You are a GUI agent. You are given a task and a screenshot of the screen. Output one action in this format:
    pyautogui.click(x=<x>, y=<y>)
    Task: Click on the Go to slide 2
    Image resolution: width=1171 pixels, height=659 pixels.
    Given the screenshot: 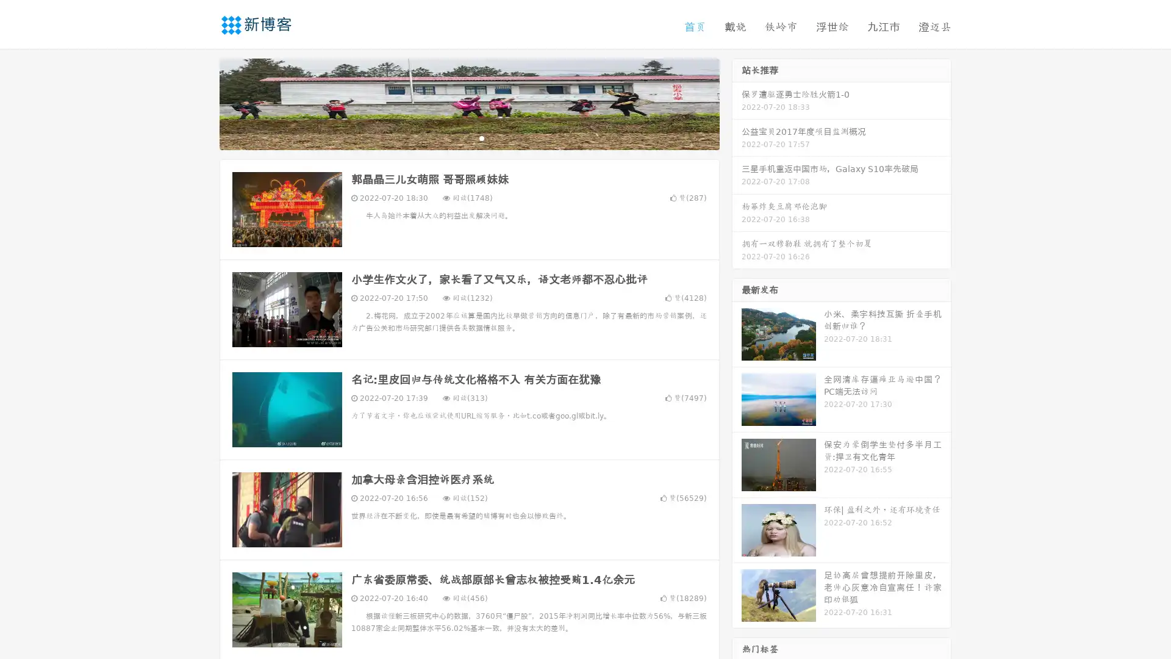 What is the action you would take?
    pyautogui.click(x=468, y=137)
    